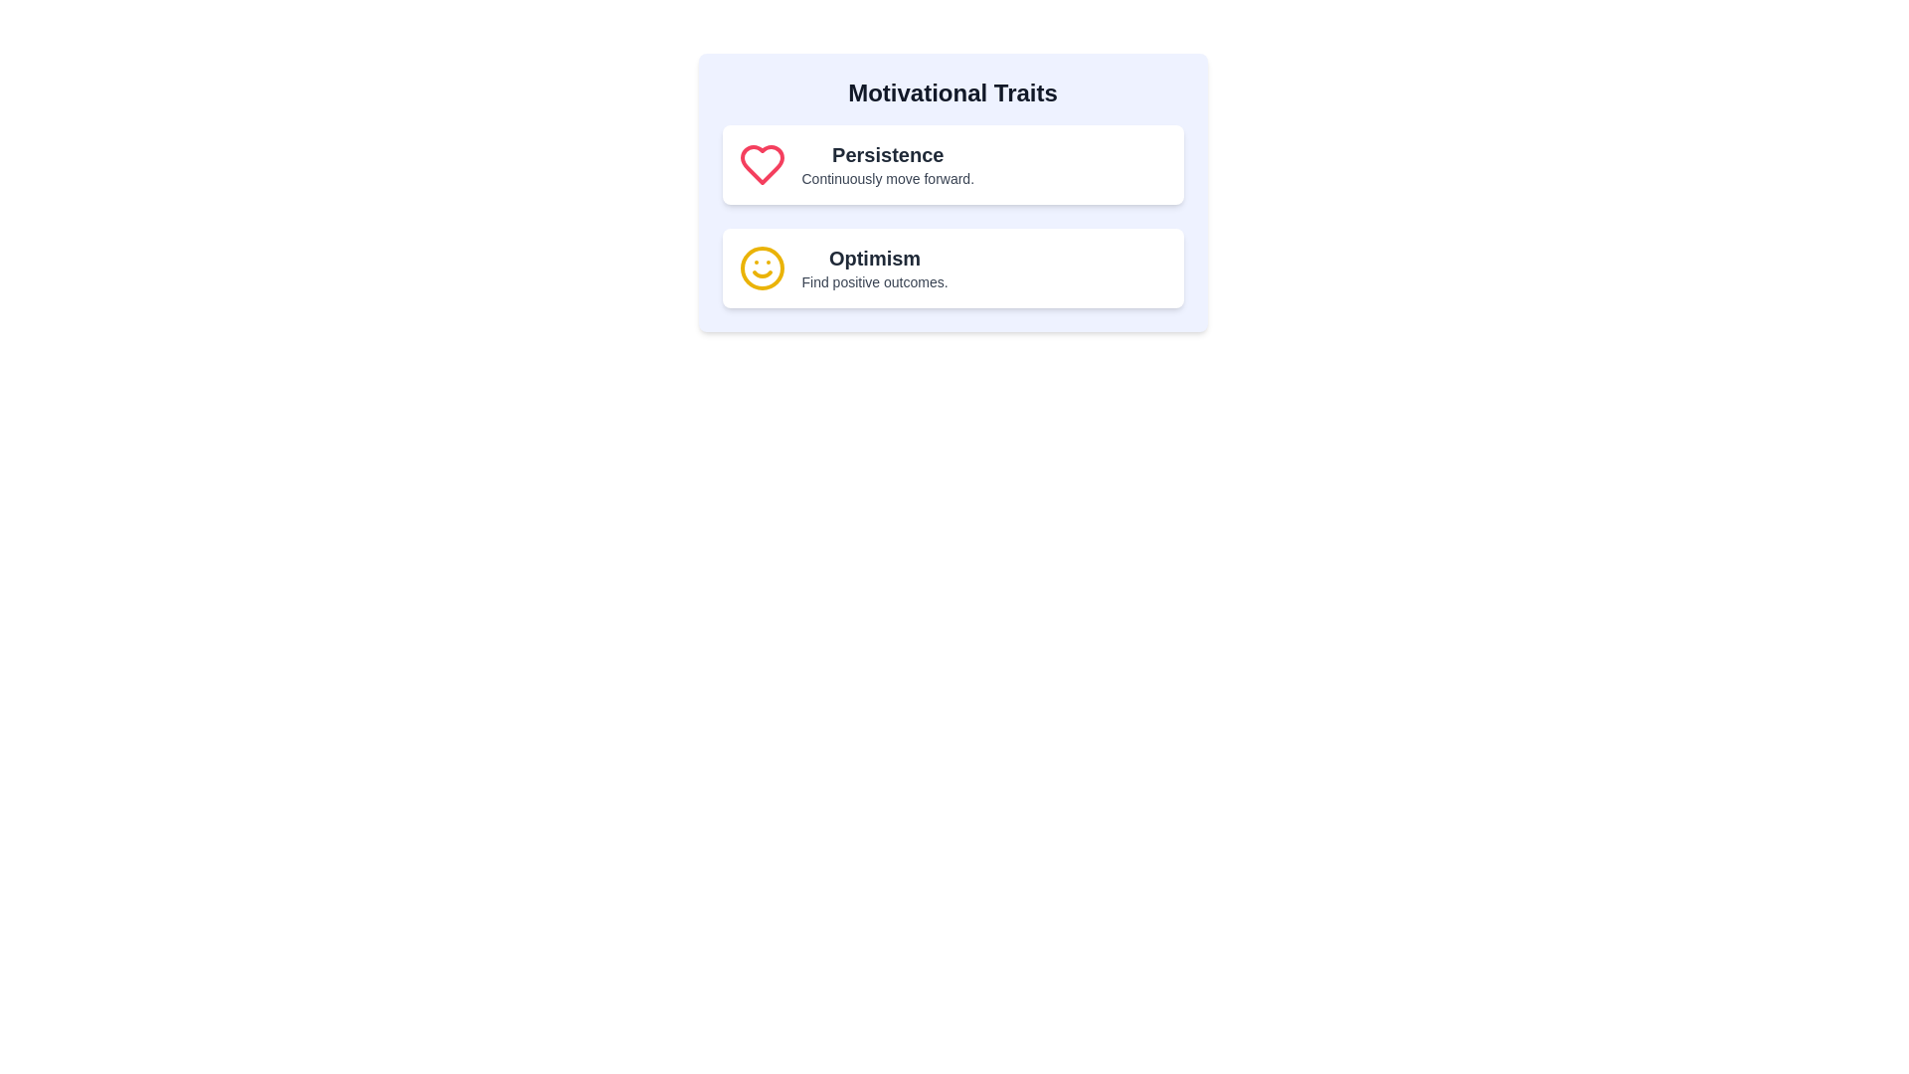 The height and width of the screenshot is (1074, 1909). I want to click on the text element displaying 'Find positive outcomes.' which is located below the heading 'Optimism', so click(875, 282).